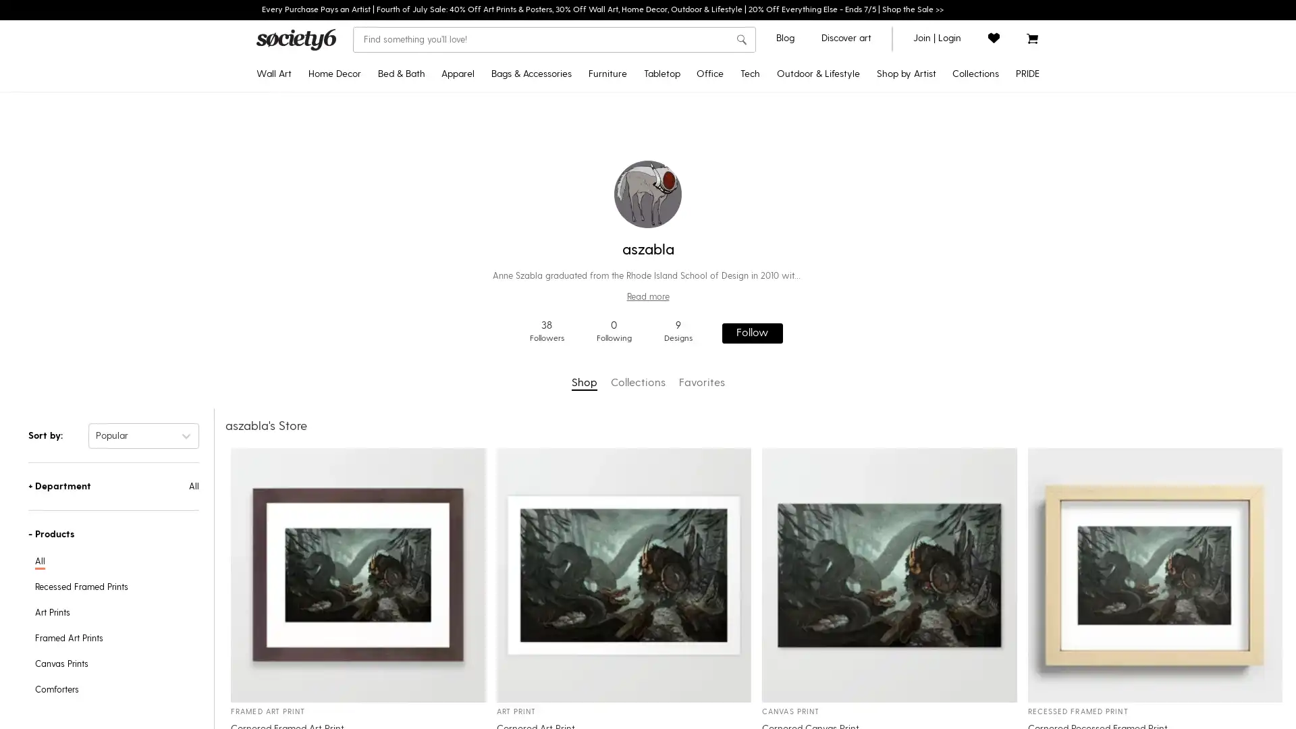  I want to click on Stationery Cards, so click(743, 282).